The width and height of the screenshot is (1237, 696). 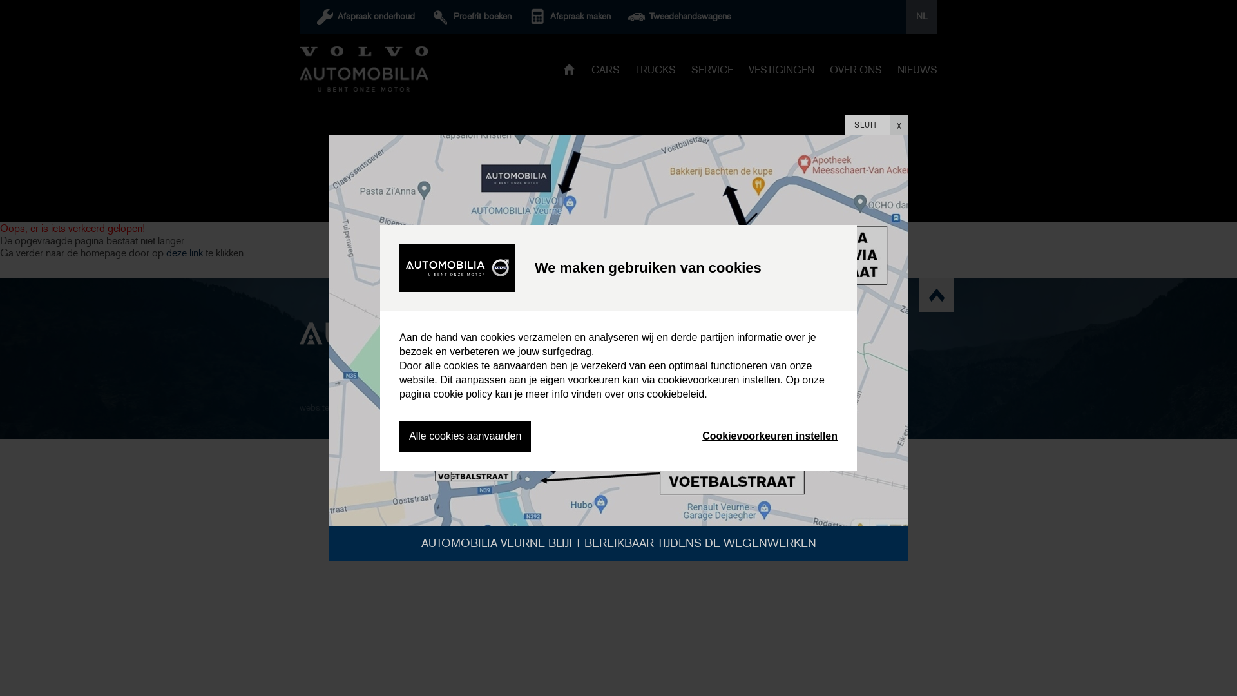 I want to click on 'SERVICE', so click(x=711, y=72).